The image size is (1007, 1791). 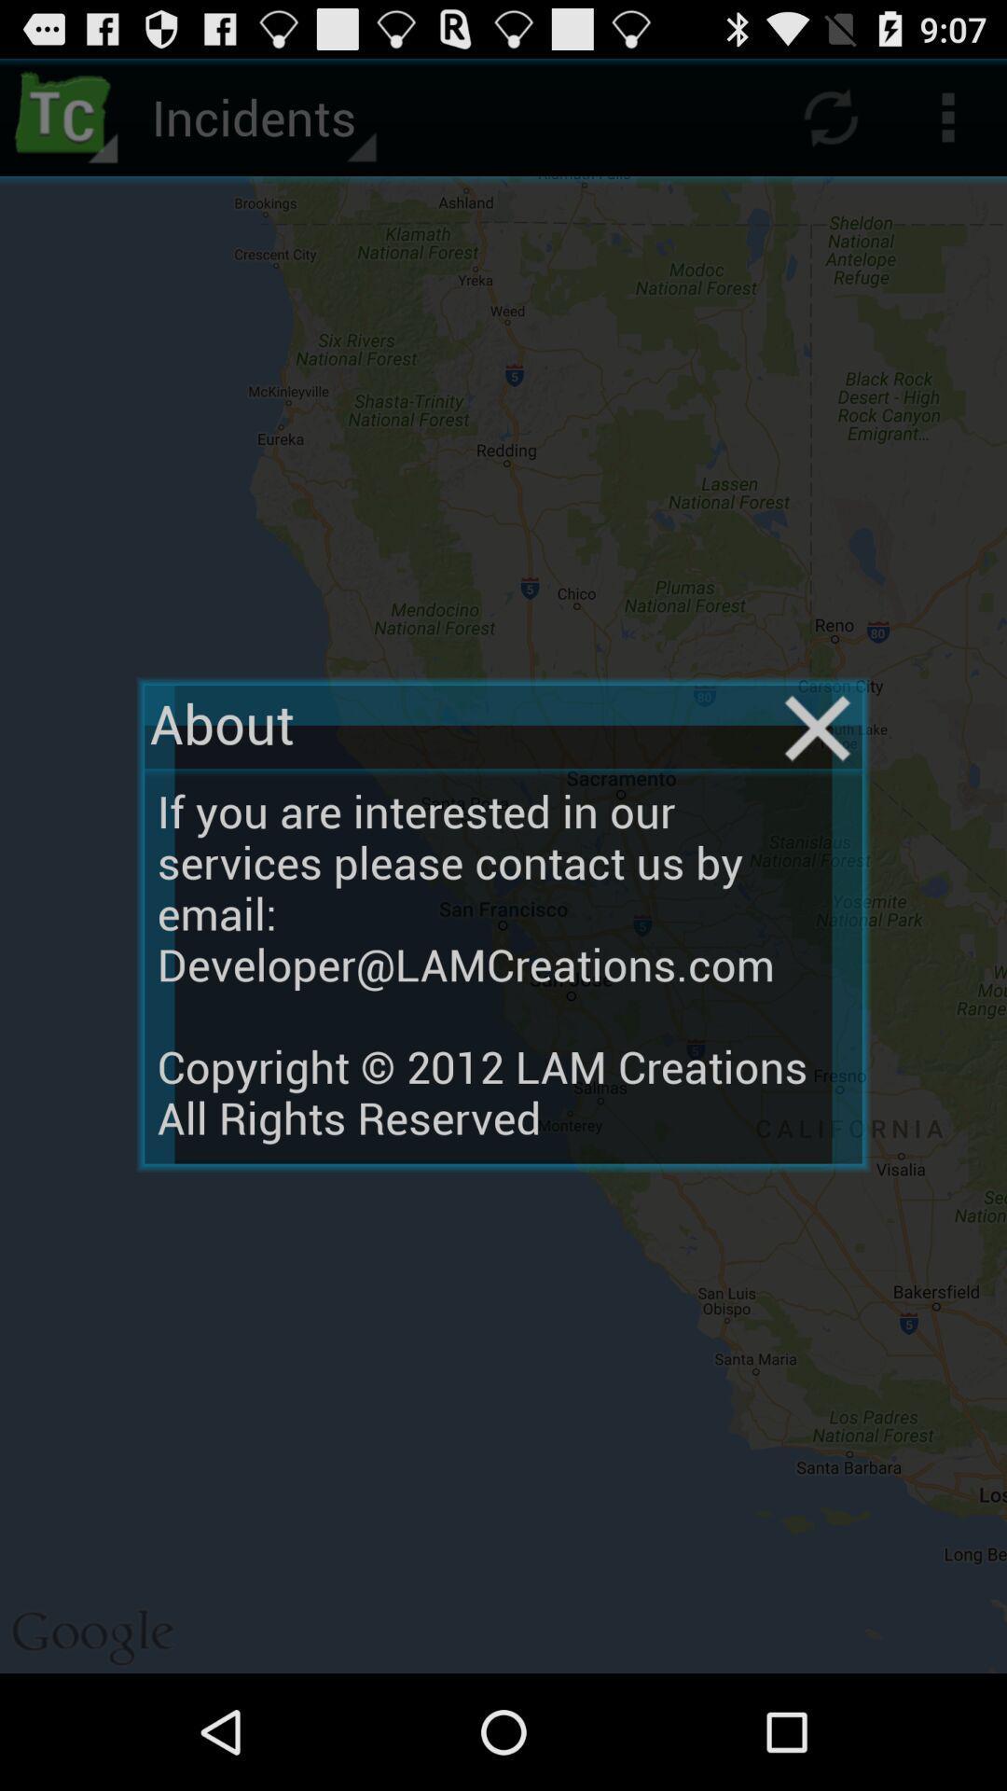 What do you see at coordinates (261, 116) in the screenshot?
I see `the incidents item` at bounding box center [261, 116].